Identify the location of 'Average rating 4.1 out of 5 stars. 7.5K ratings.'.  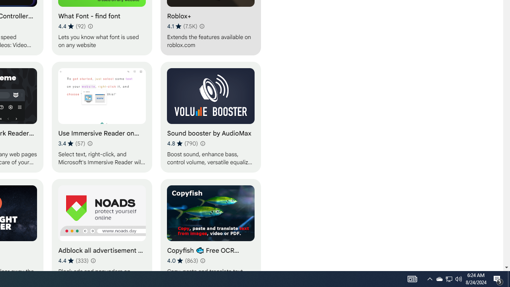
(182, 26).